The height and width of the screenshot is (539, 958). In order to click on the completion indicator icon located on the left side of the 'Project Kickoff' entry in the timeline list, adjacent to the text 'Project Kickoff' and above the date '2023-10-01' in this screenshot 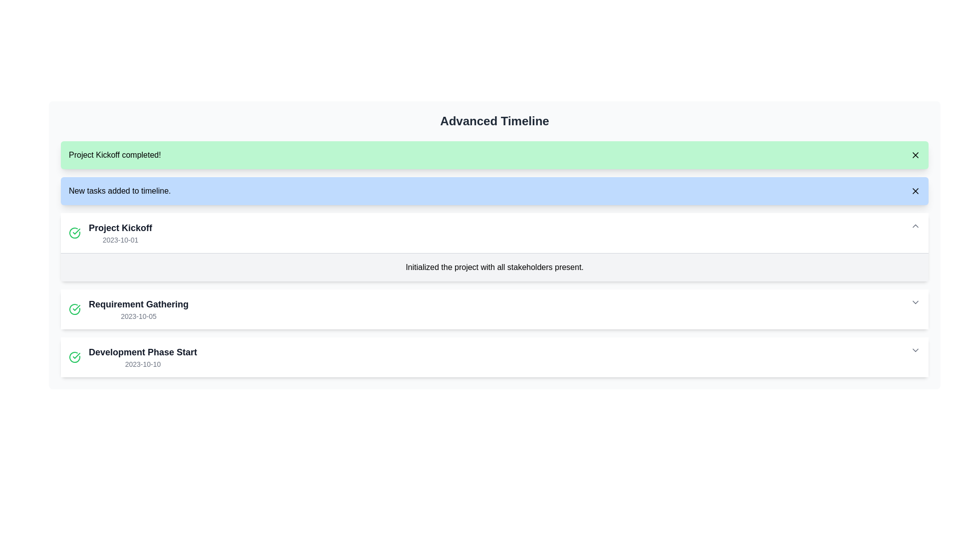, I will do `click(74, 233)`.